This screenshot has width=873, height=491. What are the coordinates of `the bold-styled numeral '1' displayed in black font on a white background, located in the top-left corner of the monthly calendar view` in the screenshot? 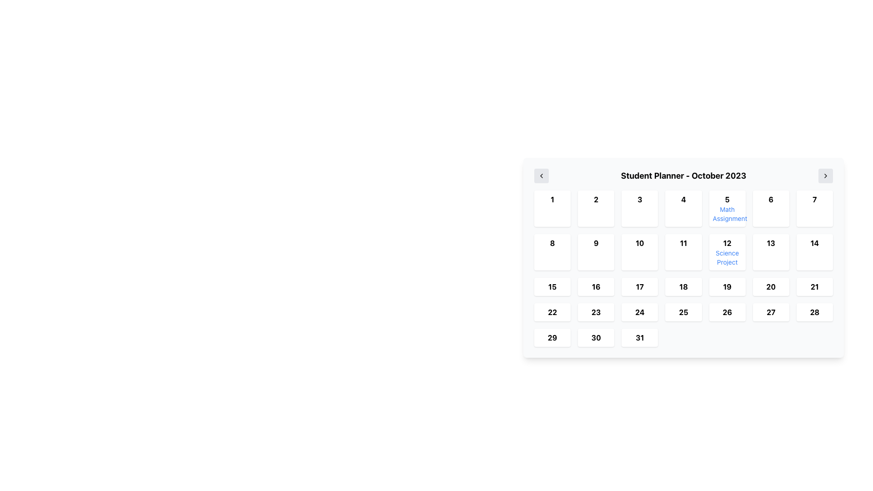 It's located at (552, 199).